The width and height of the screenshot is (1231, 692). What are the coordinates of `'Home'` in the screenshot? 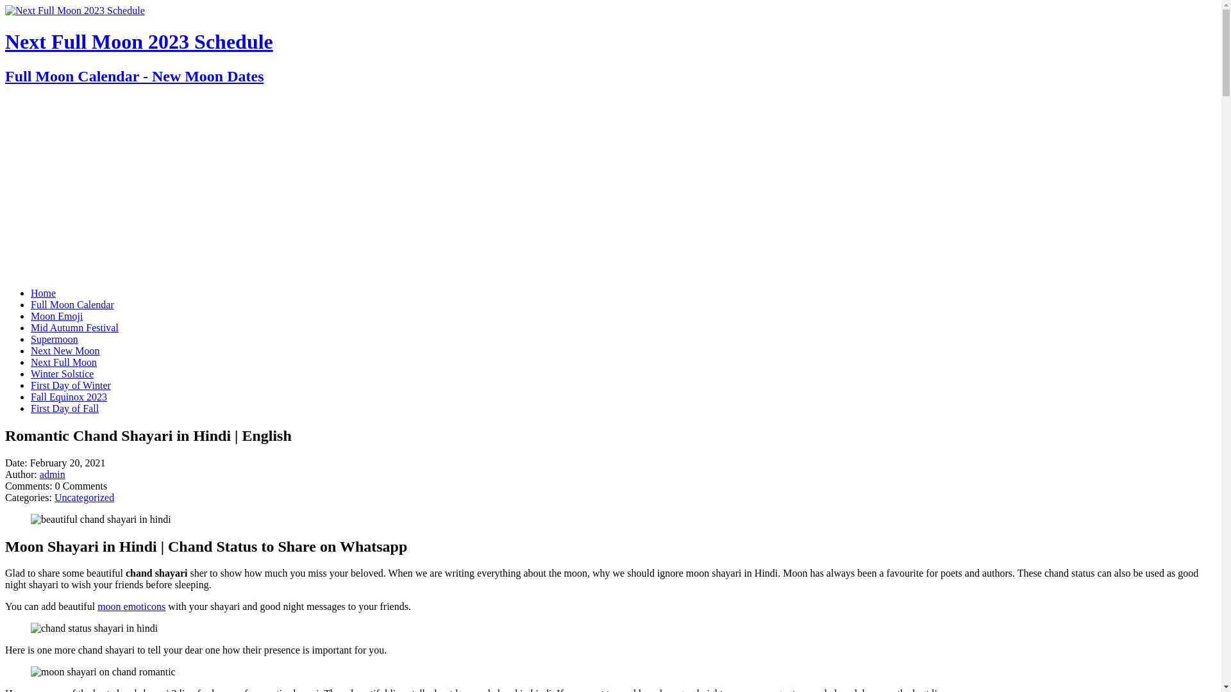 It's located at (43, 293).